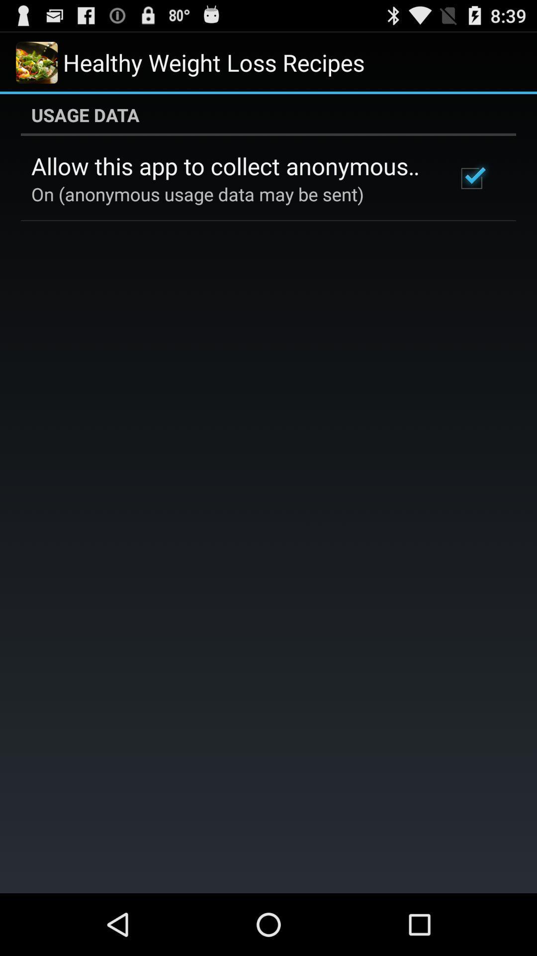  Describe the element at coordinates (230, 166) in the screenshot. I see `the allow this app` at that location.